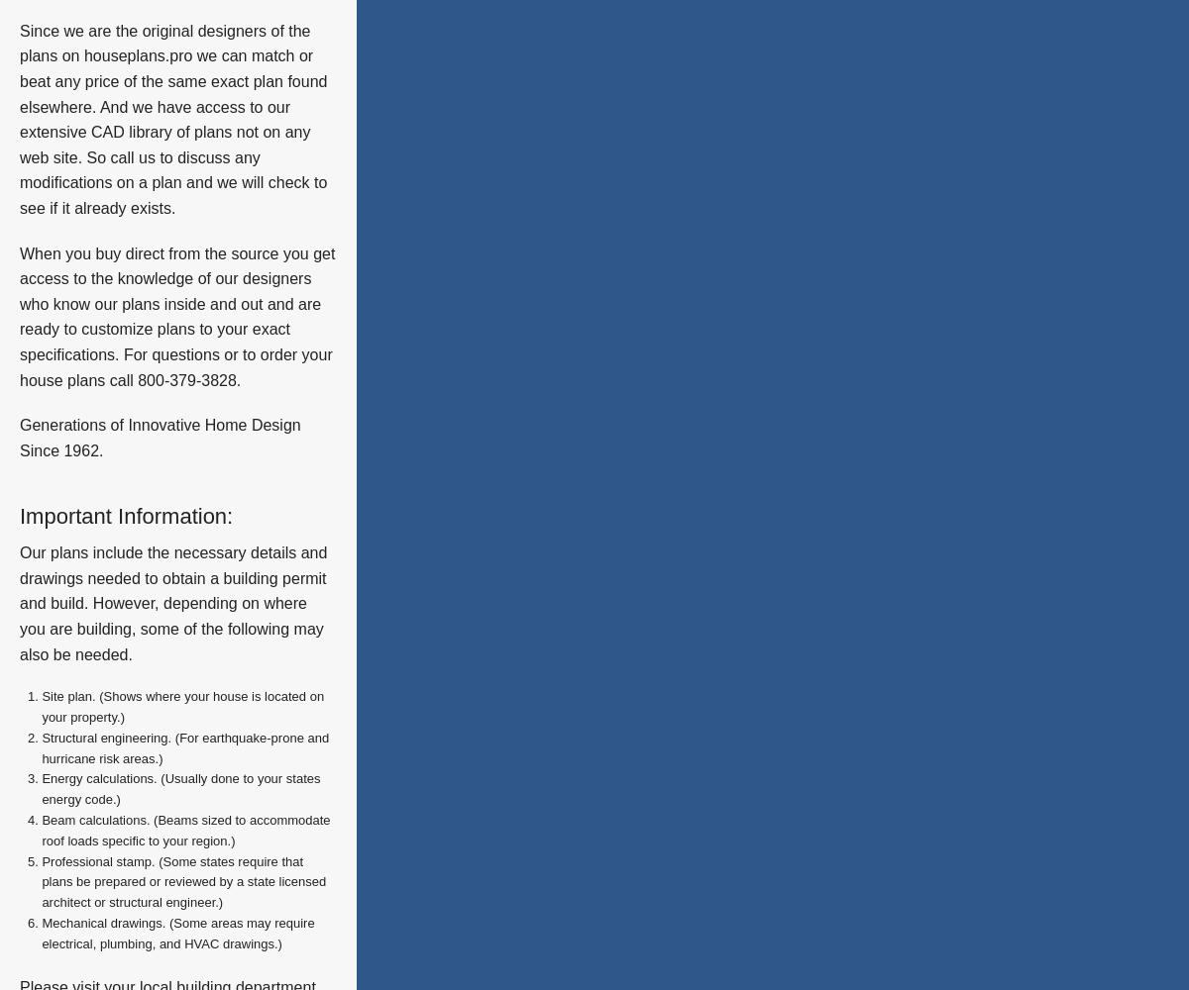 The height and width of the screenshot is (990, 1189). I want to click on 'Professional stamp. (Some states require that plans be prepared or reviewed by a state licensed architect or structural engineer.)', so click(182, 881).